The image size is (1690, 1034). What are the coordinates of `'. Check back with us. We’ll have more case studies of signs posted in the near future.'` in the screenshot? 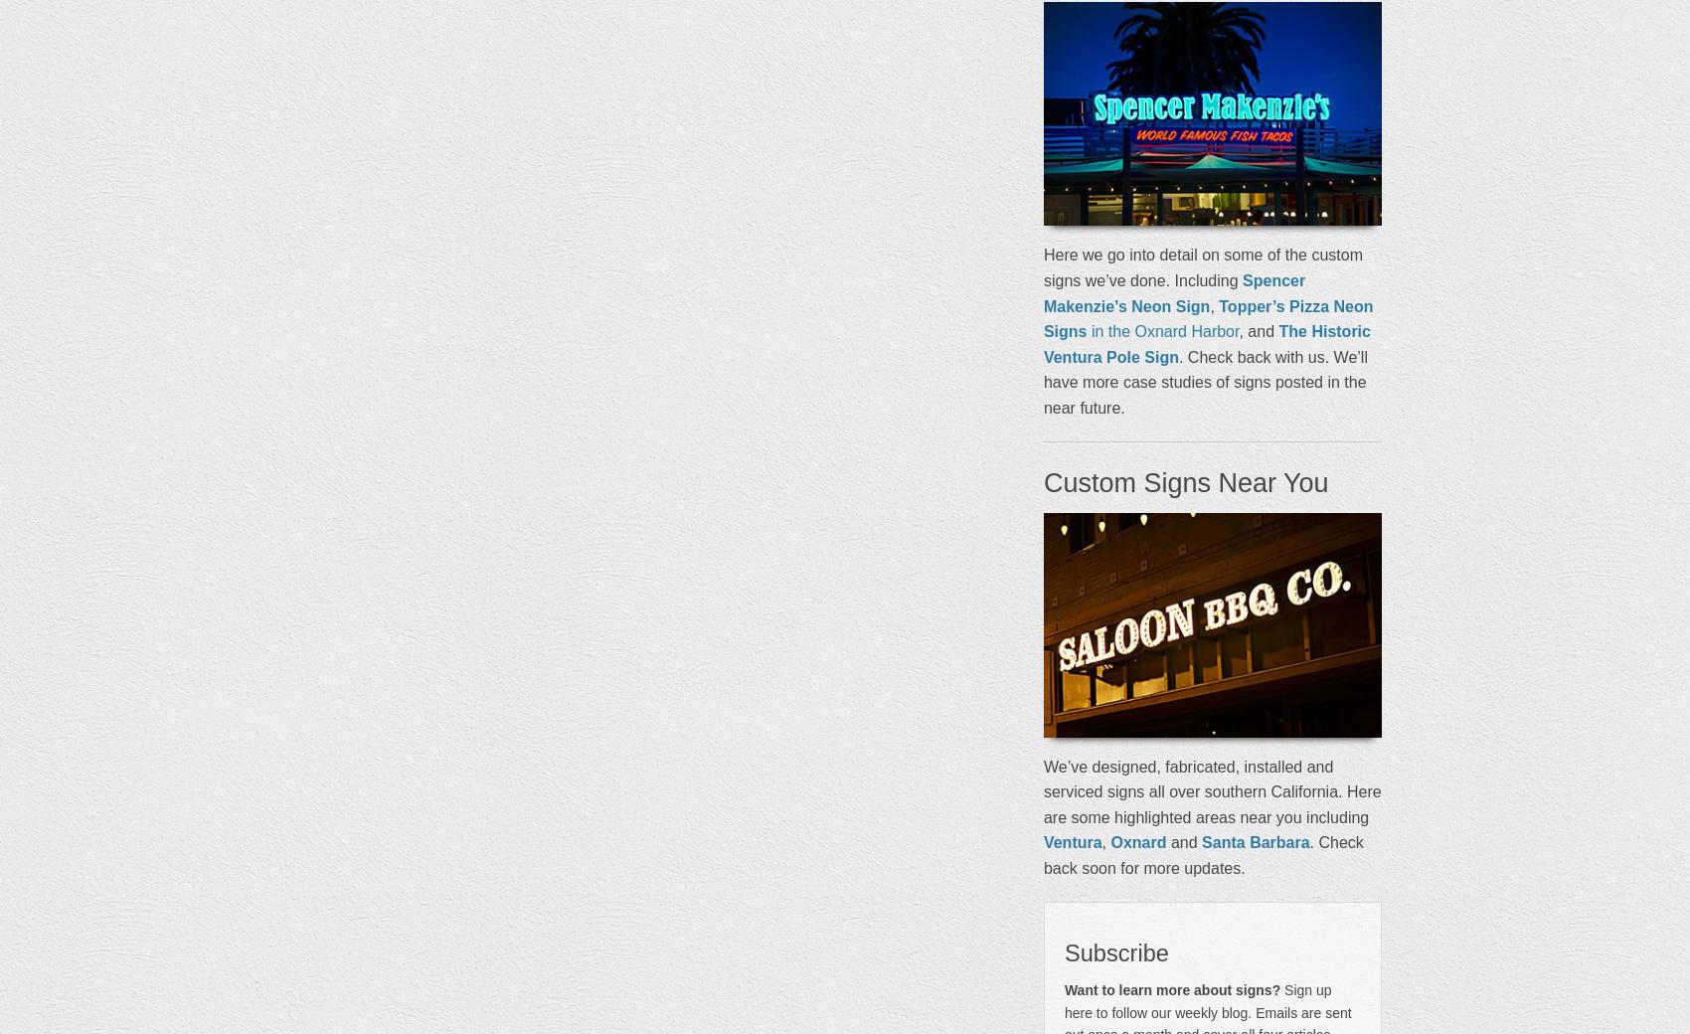 It's located at (1203, 381).